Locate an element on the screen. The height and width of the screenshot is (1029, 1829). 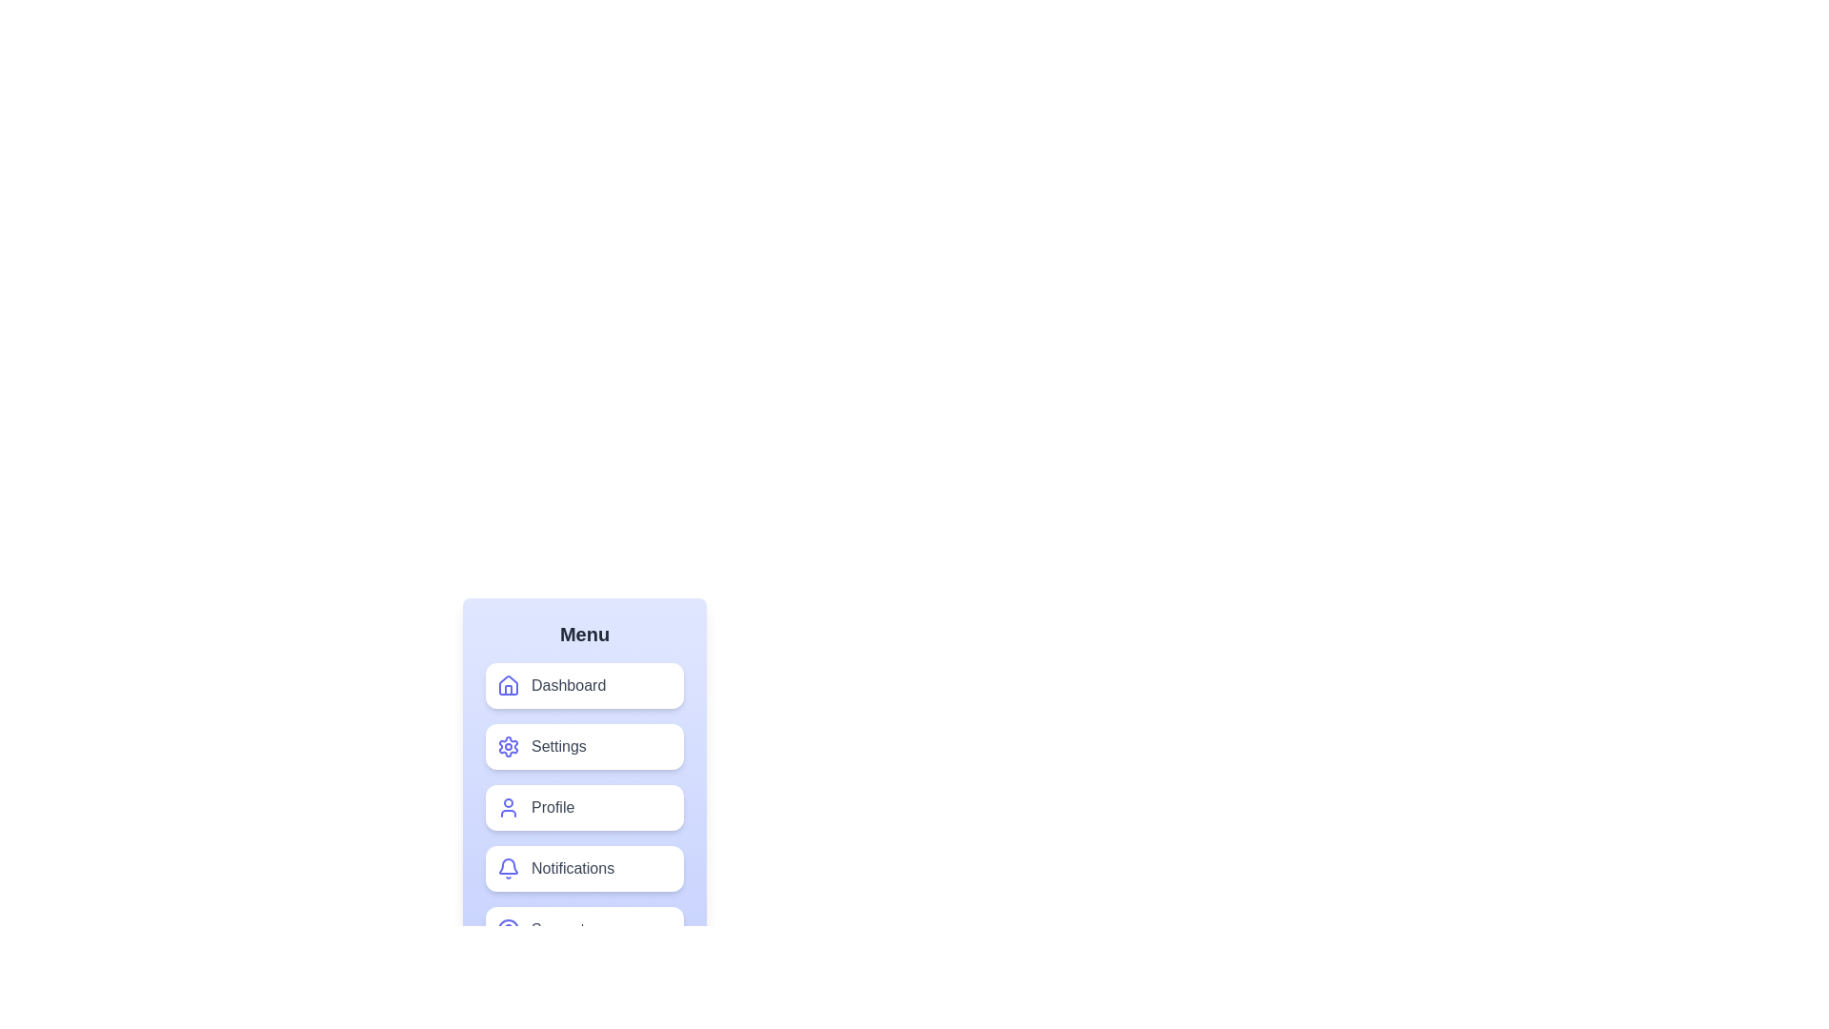
the purple circular icon with a question mark, located to the left of the 'Support' text in the options menu is located at coordinates (508, 928).